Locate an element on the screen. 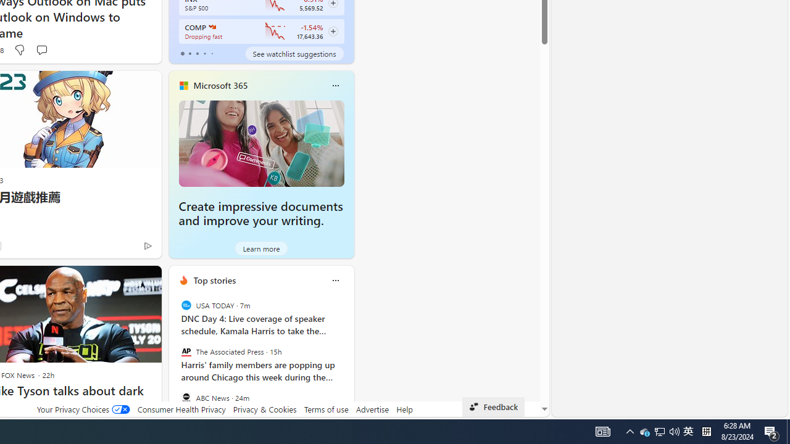 This screenshot has height=444, width=790. 'tab-2' is located at coordinates (197, 53).